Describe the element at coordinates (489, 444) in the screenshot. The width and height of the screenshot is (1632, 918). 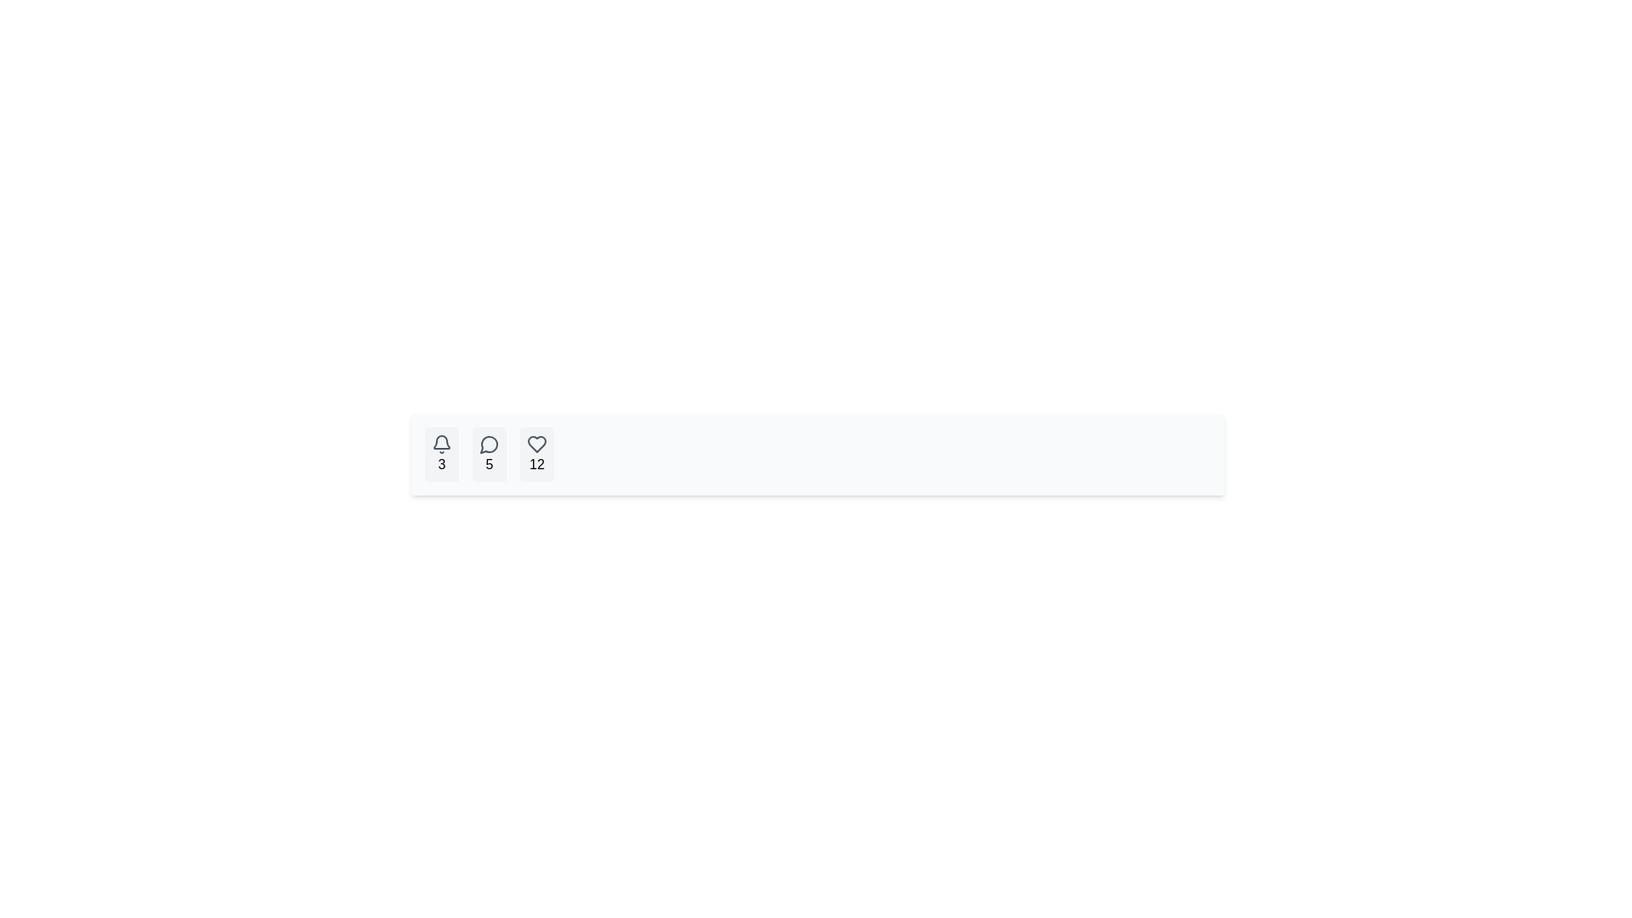
I see `the comment/message indicator SVG icon located between the bell icon and the heart icon to interact with it` at that location.